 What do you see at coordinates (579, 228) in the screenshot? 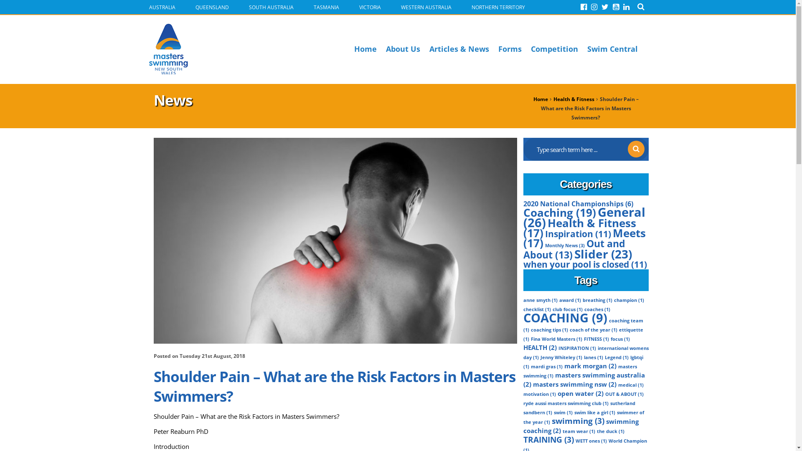
I see `'Health & Fitness (17)'` at bounding box center [579, 228].